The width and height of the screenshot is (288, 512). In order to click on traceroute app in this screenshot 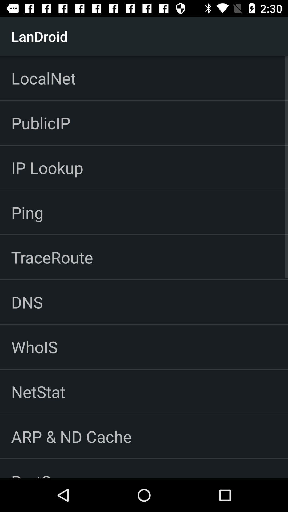, I will do `click(52, 257)`.